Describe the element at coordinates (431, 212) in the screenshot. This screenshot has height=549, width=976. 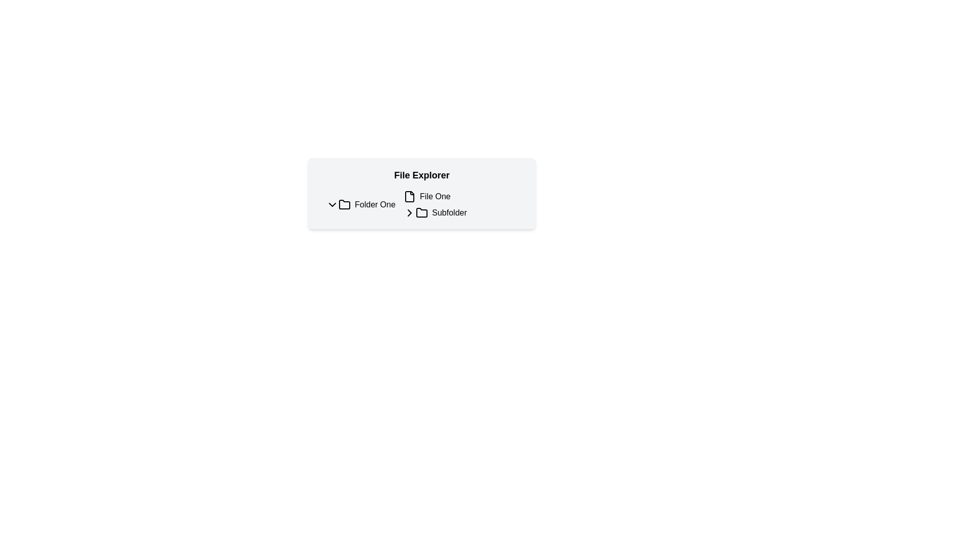
I see `the chevron on the collapsible folder item located below 'File One' in the file explorer interface` at that location.